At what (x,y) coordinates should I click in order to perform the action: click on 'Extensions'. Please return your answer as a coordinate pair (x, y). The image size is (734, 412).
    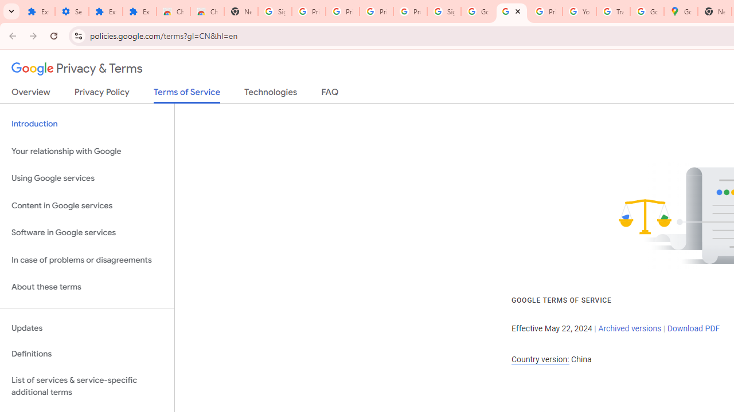
    Looking at the image, I should click on (106, 11).